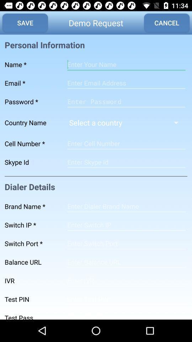 The image size is (192, 342). Describe the element at coordinates (126, 64) in the screenshot. I see `text page` at that location.